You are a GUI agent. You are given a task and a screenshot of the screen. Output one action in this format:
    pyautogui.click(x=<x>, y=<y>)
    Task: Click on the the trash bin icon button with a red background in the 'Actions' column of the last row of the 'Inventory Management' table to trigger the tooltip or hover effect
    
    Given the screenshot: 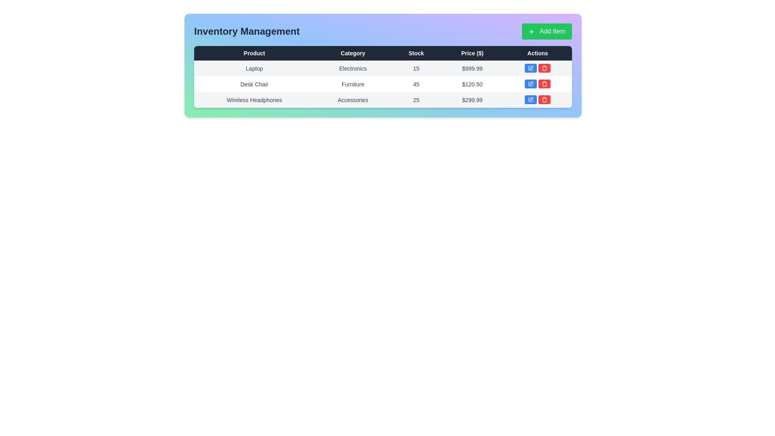 What is the action you would take?
    pyautogui.click(x=545, y=84)
    